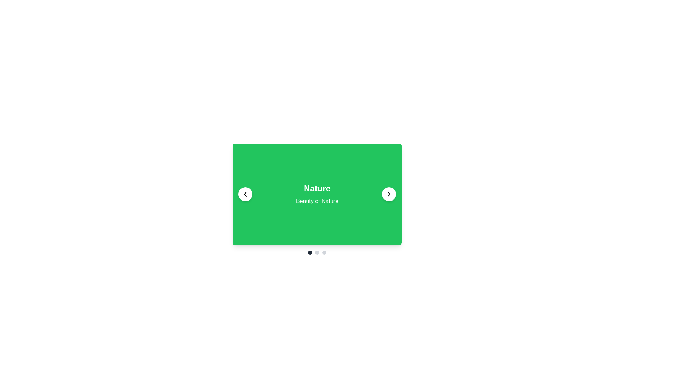 This screenshot has height=380, width=676. What do you see at coordinates (388, 194) in the screenshot?
I see `the button located at the far right side of the green rectangular card` at bounding box center [388, 194].